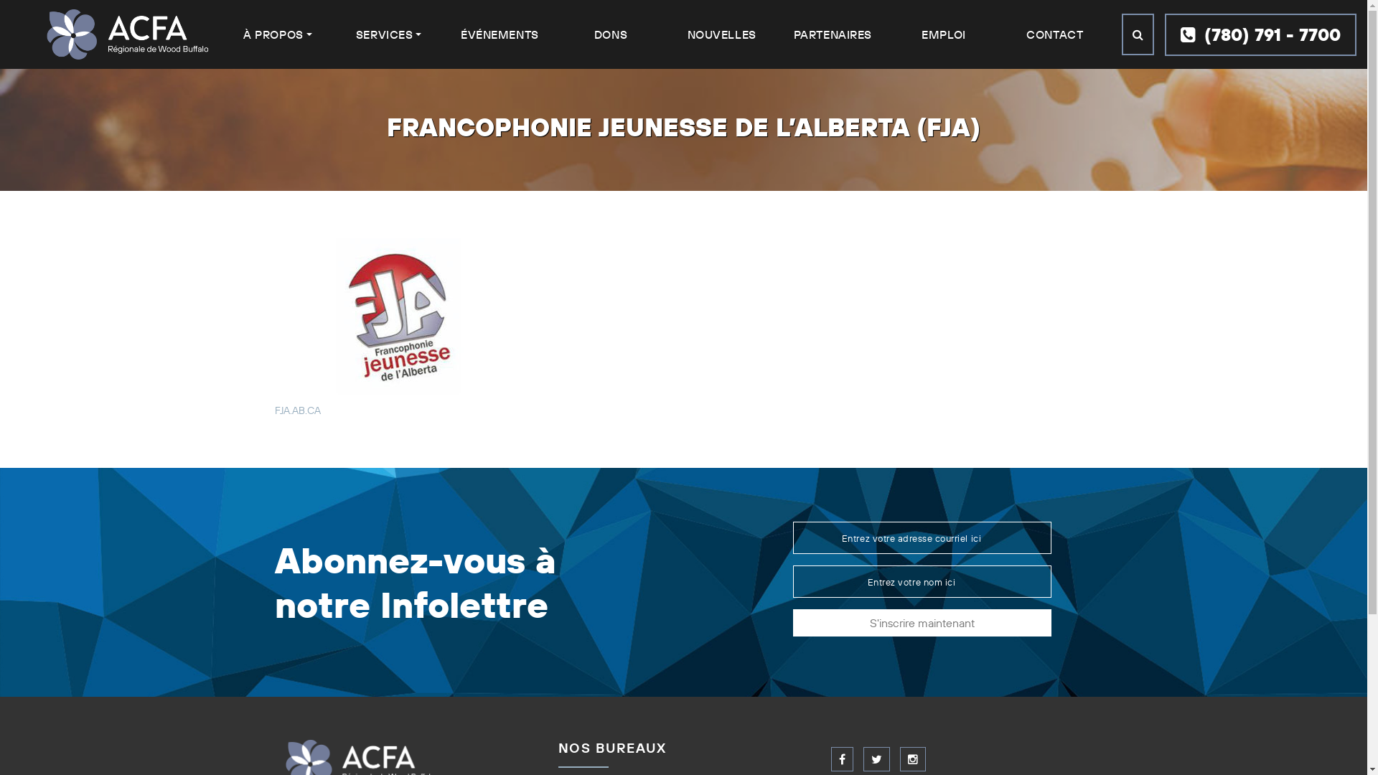 The width and height of the screenshot is (1378, 775). What do you see at coordinates (1260, 33) in the screenshot?
I see `'(780) 791 - 7700'` at bounding box center [1260, 33].